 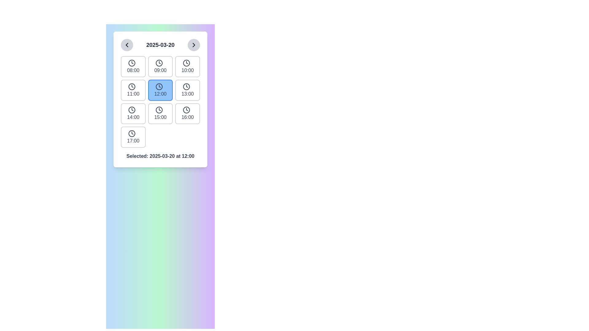 I want to click on the clock icon indicating the '17:00' time slot, located in the bottom row, leftmost column, so click(x=132, y=133).